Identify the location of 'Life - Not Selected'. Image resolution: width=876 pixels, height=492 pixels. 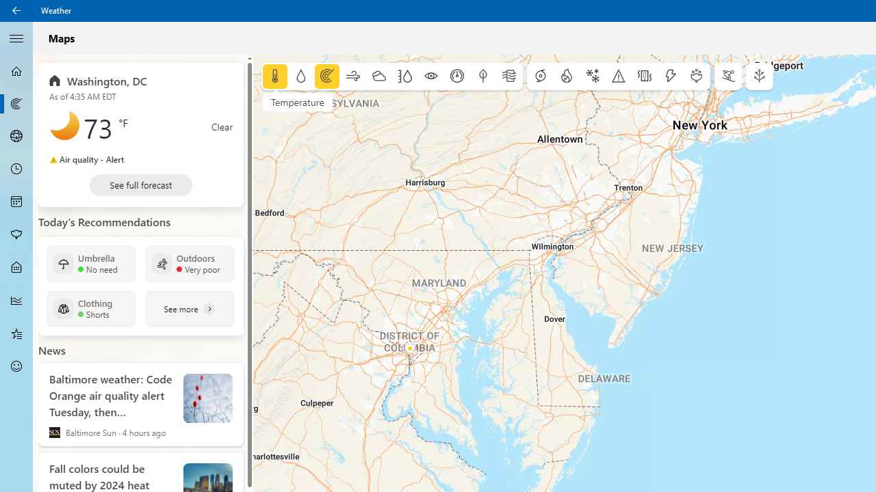
(16, 268).